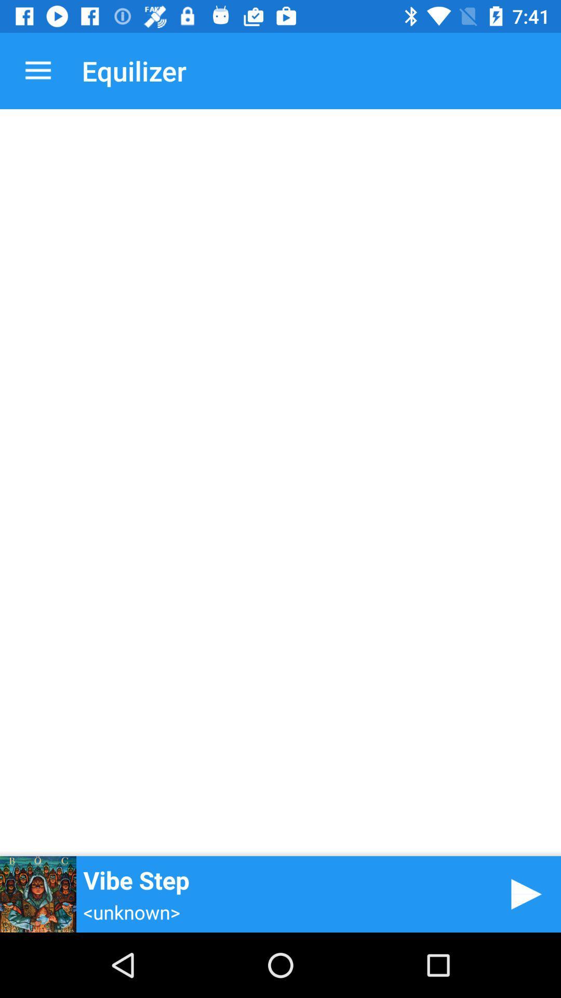  I want to click on item to the left of the equilizer app, so click(37, 70).